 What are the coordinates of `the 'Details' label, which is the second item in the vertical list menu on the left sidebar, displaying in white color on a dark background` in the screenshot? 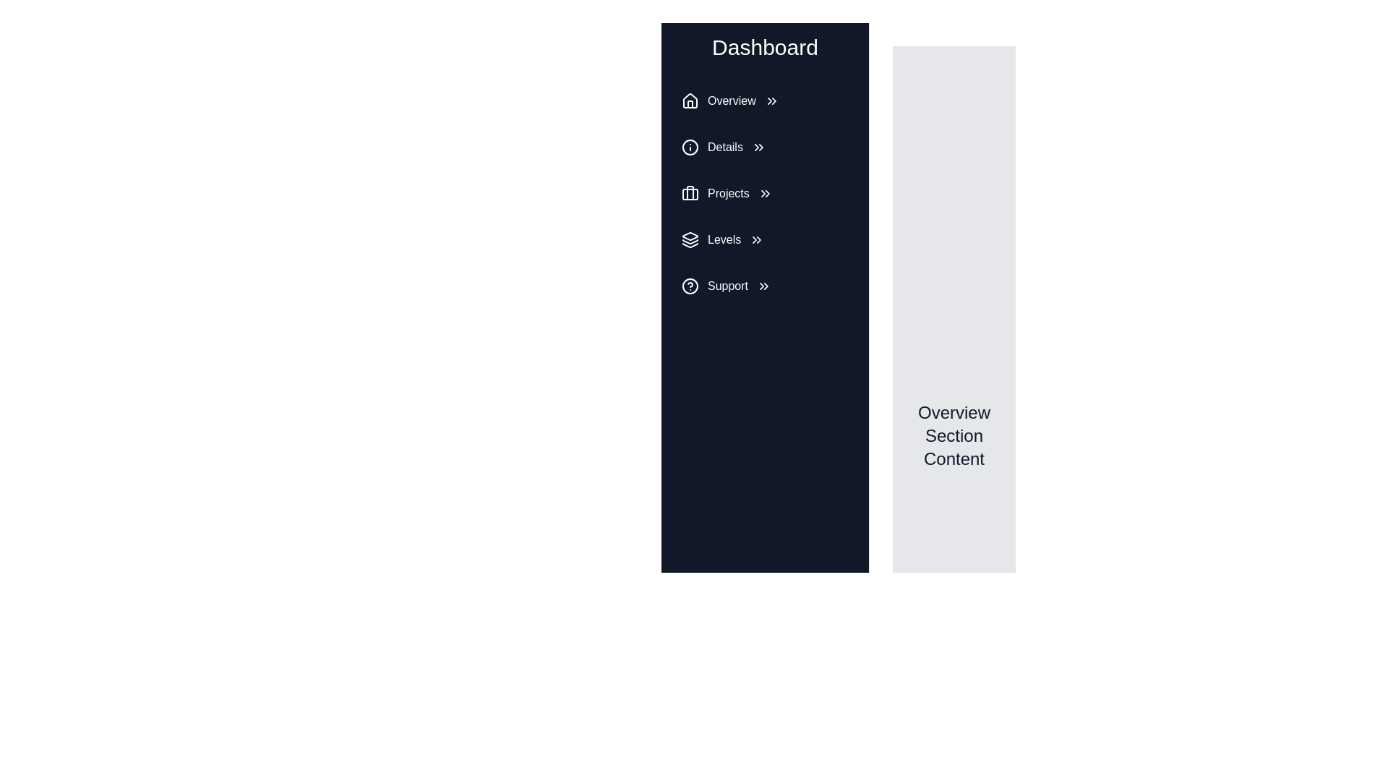 It's located at (725, 148).